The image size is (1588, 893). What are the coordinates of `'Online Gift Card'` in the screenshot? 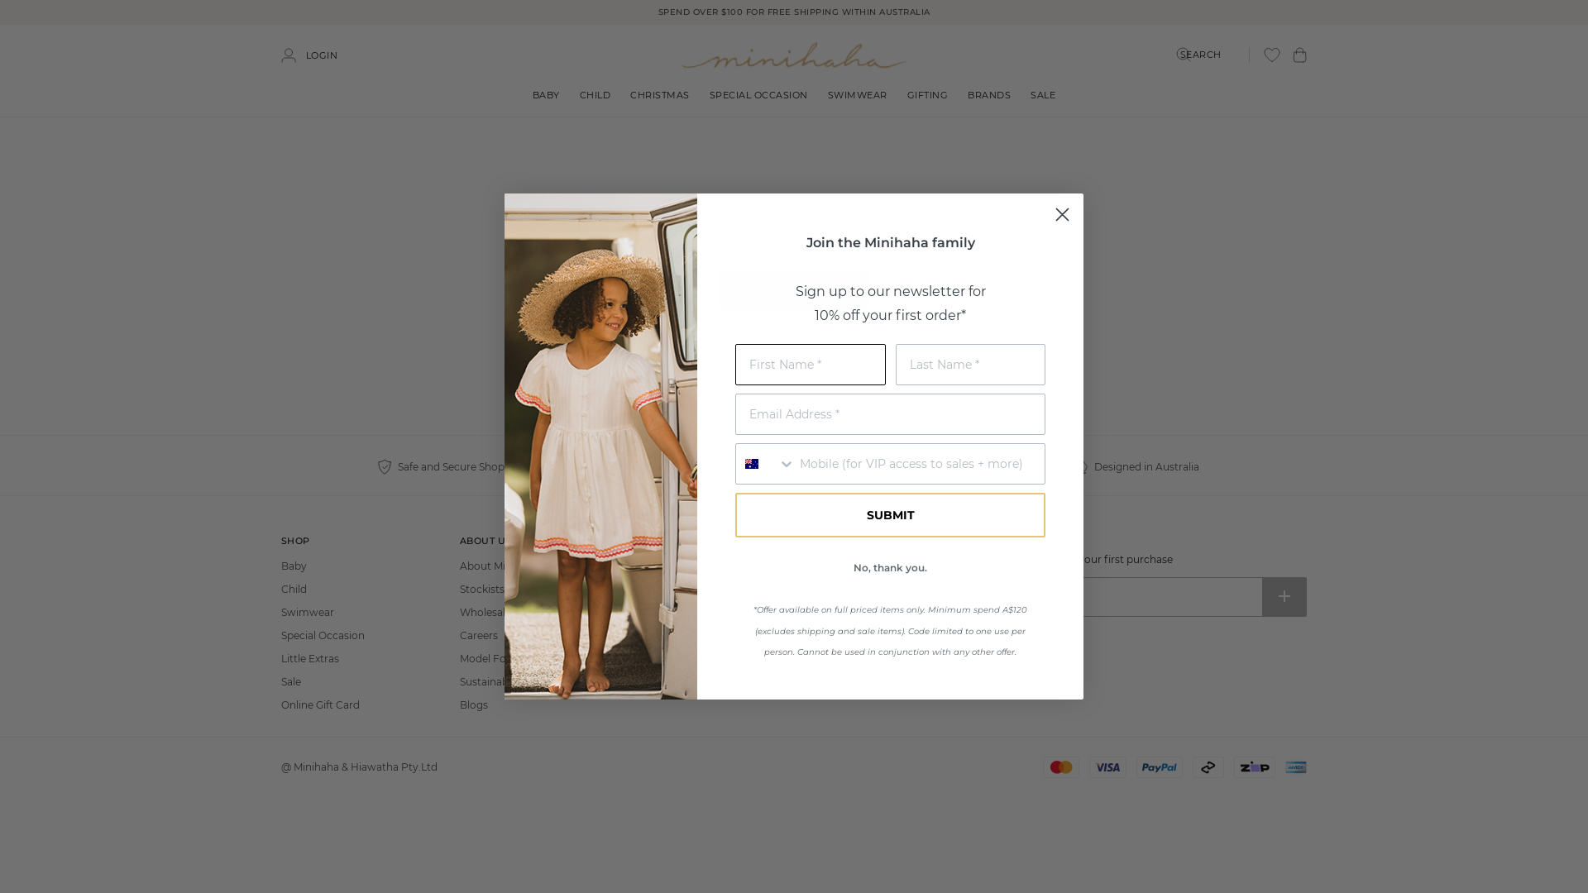 It's located at (320, 704).